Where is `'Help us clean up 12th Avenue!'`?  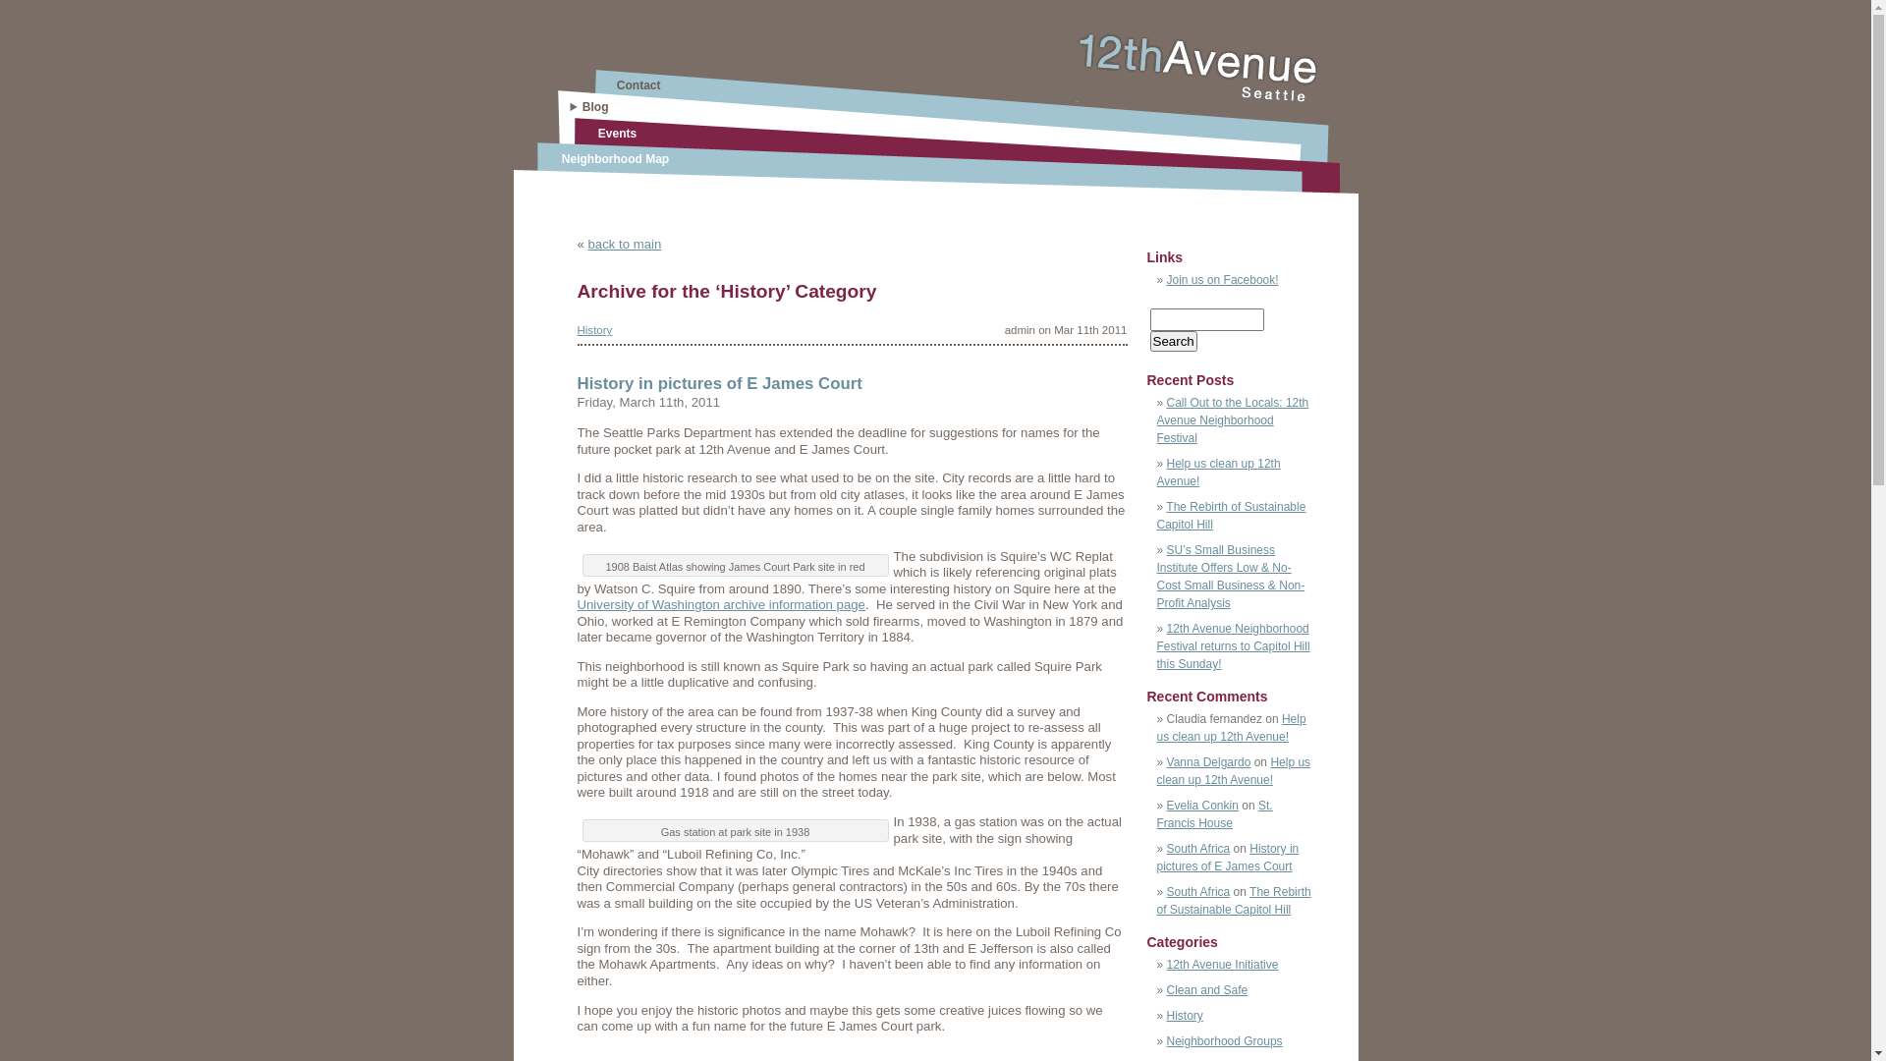 'Help us clean up 12th Avenue!' is located at coordinates (1230, 727).